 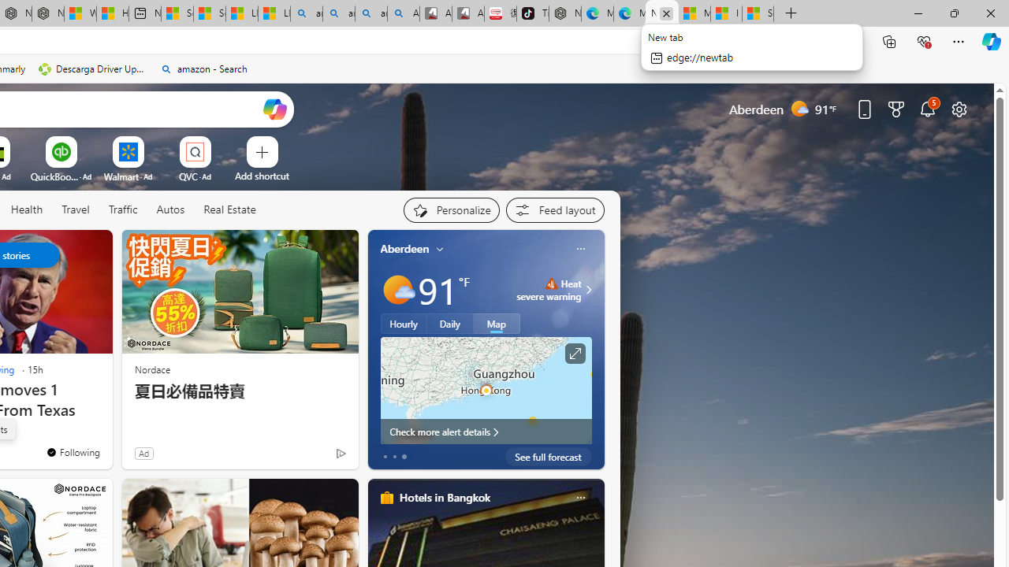 I want to click on 'Microsoft rewards', so click(x=896, y=108).